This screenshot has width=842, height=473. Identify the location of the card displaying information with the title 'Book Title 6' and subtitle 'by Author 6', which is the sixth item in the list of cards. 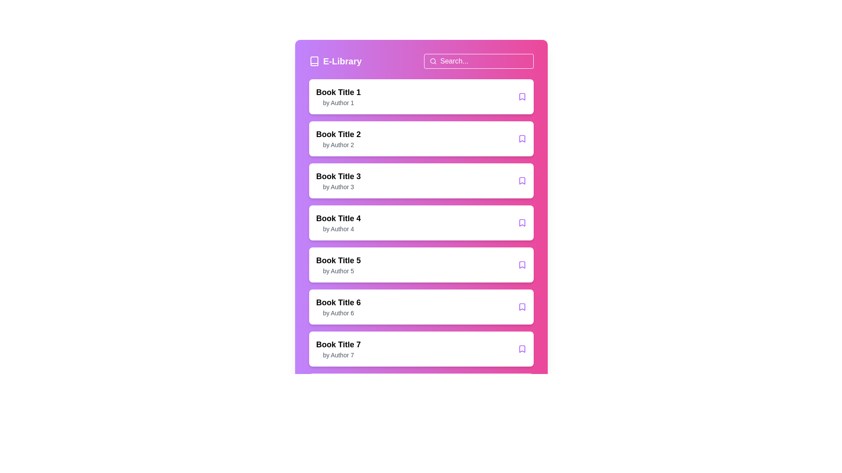
(421, 307).